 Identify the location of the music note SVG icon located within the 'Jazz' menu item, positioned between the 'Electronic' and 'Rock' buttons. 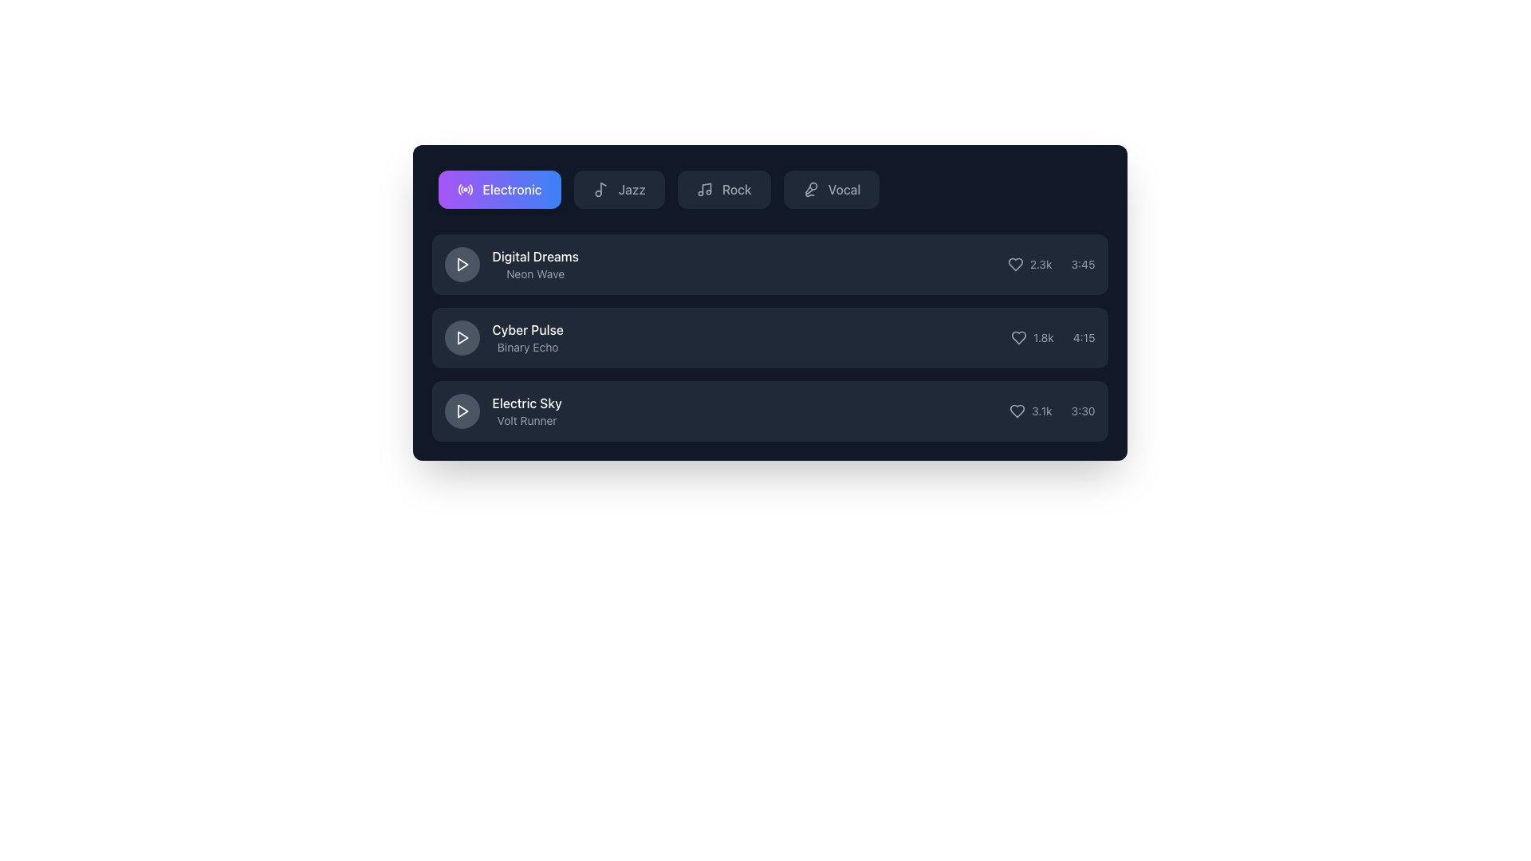
(600, 189).